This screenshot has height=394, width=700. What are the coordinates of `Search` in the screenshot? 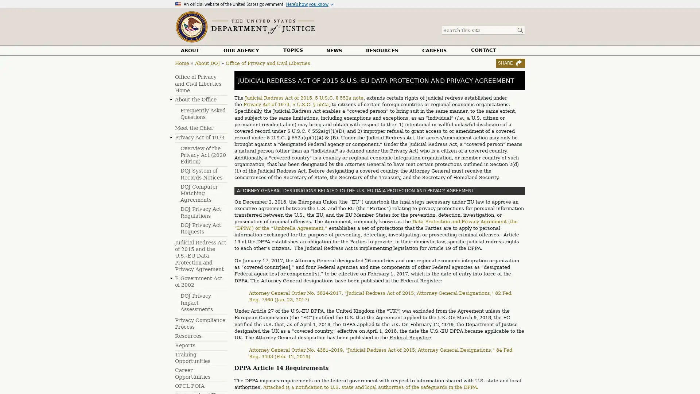 It's located at (520, 30).